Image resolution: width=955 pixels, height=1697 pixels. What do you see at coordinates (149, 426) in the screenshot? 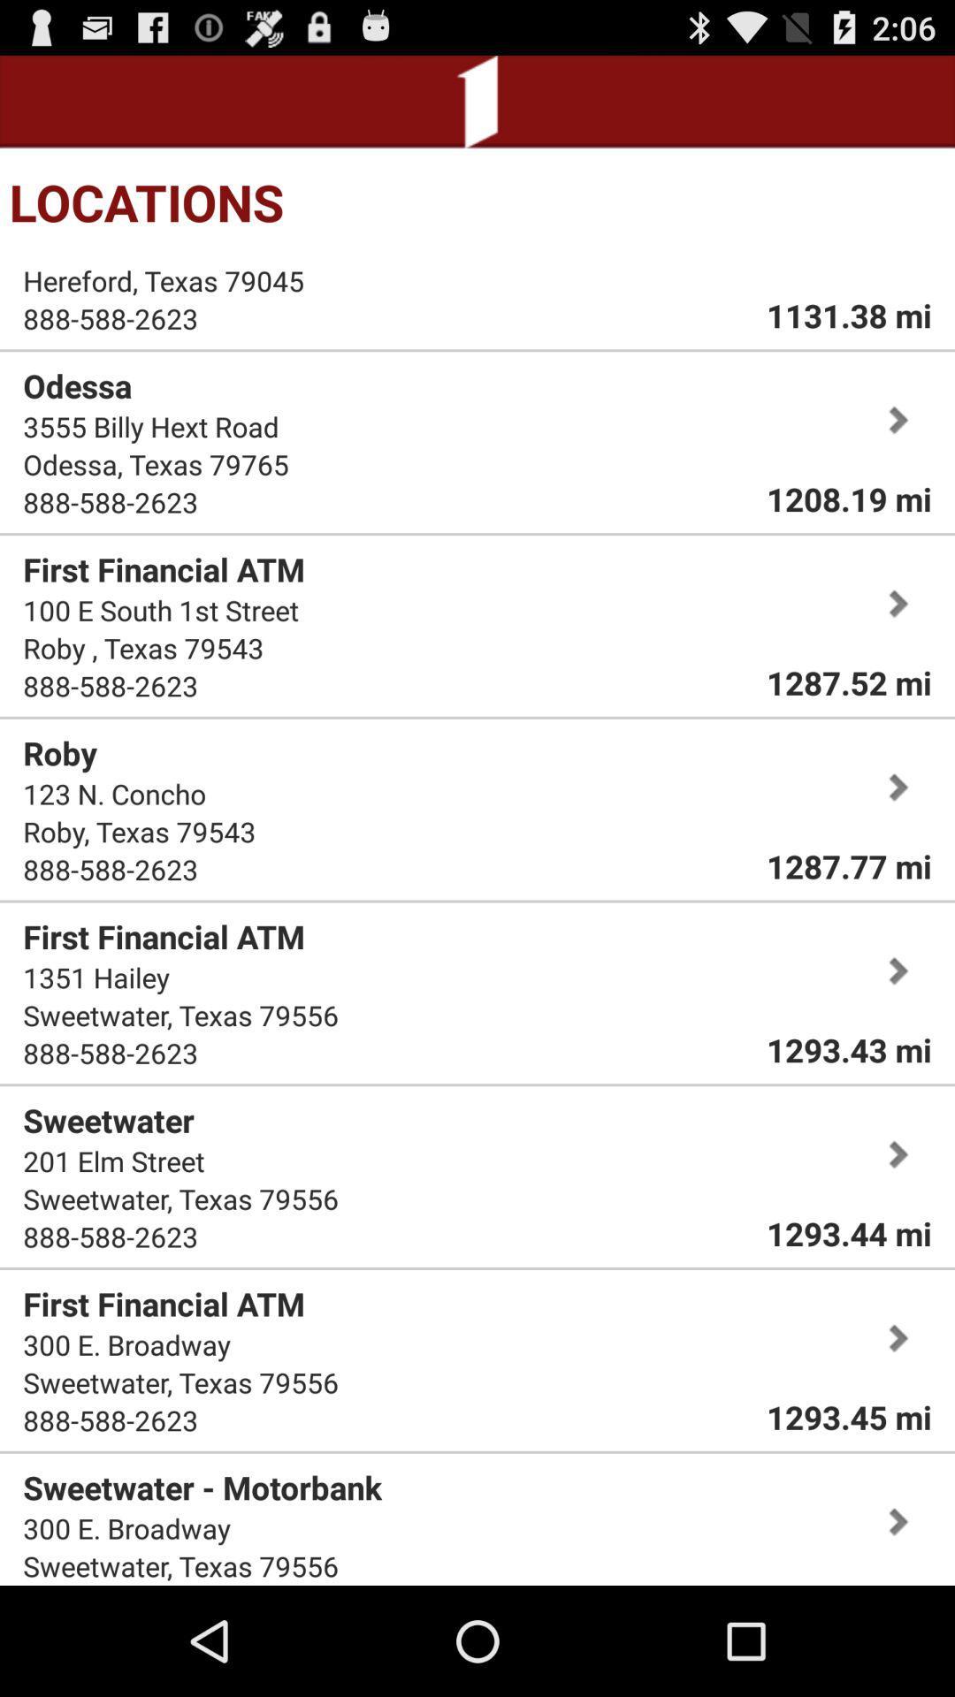
I see `the app below the odessa item` at bounding box center [149, 426].